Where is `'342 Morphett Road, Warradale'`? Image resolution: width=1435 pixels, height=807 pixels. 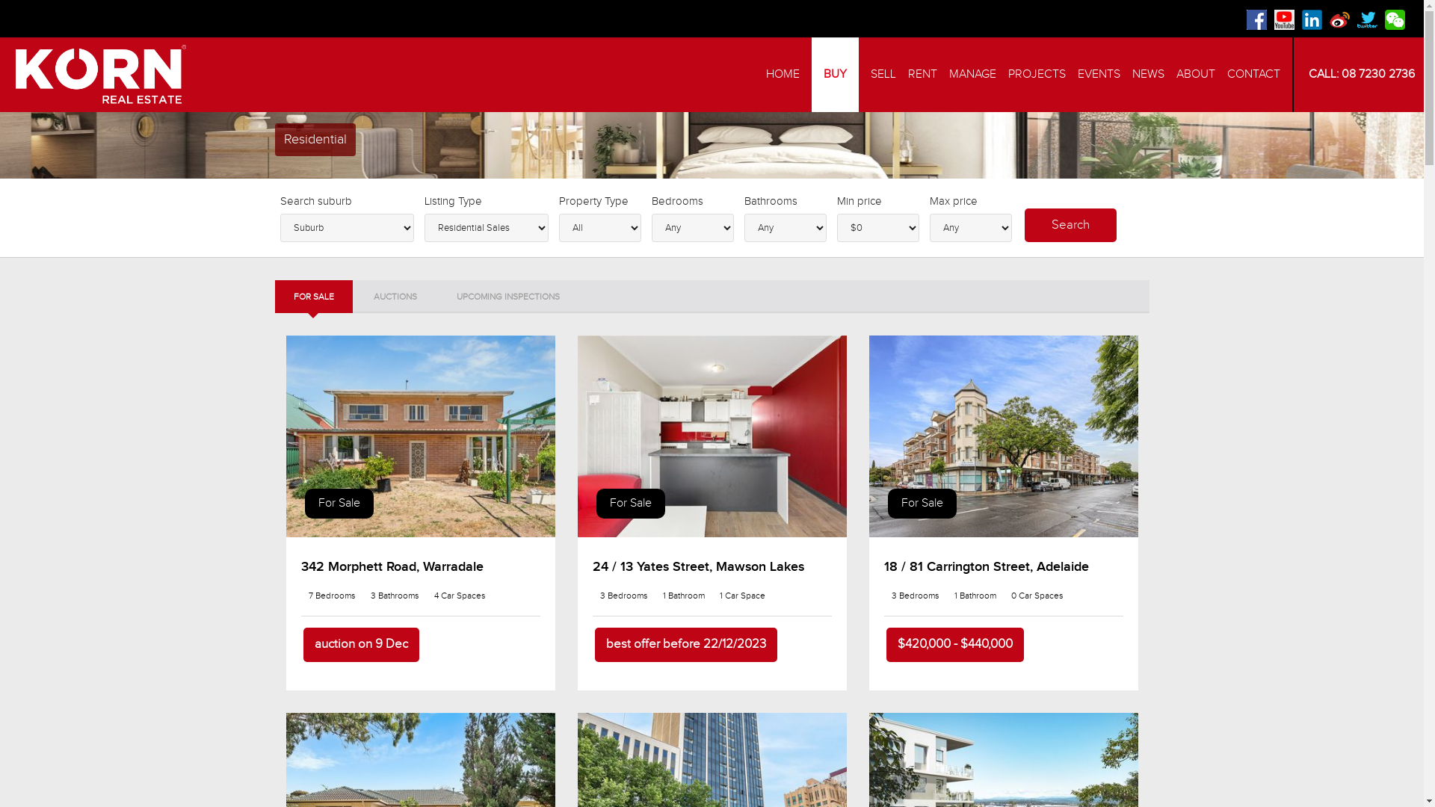 '342 Morphett Road, Warradale' is located at coordinates (391, 566).